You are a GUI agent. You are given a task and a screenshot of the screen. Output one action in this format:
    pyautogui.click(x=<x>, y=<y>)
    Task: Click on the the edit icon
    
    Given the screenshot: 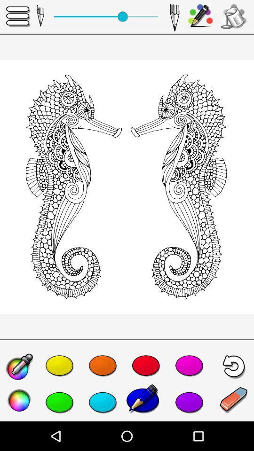 What is the action you would take?
    pyautogui.click(x=19, y=367)
    